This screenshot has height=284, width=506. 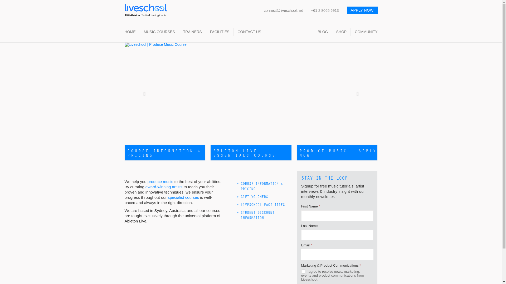 What do you see at coordinates (325, 10) in the screenshot?
I see `'+61 2 8065 6913'` at bounding box center [325, 10].